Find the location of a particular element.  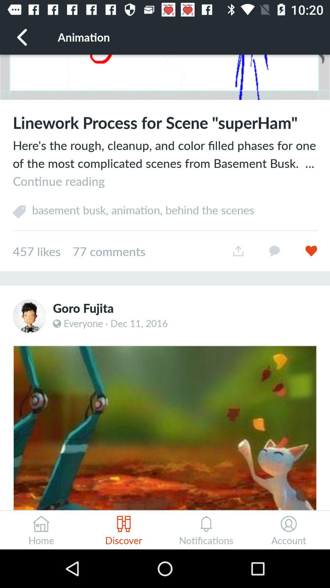

the icon above the linework process for icon is located at coordinates (165, 77).